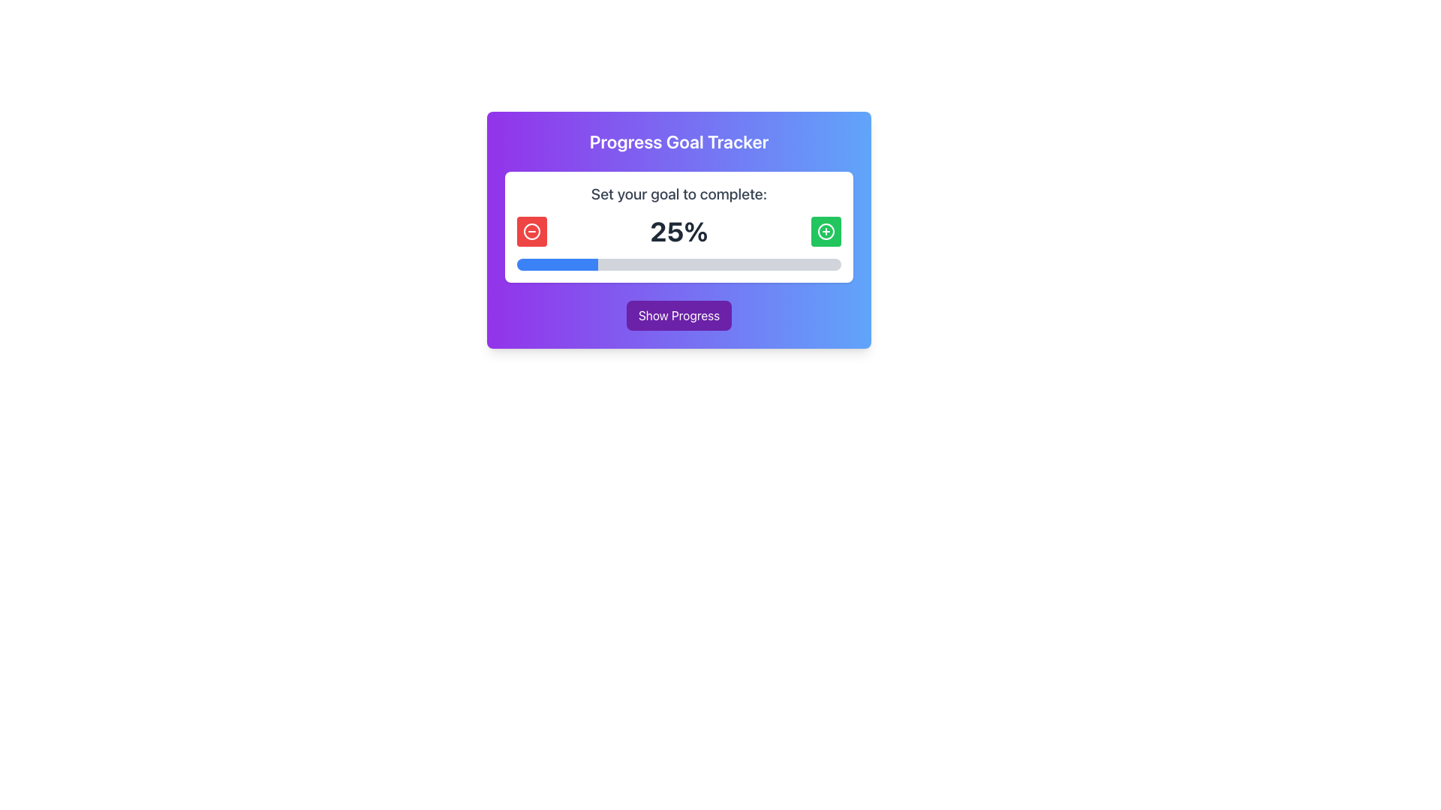 The image size is (1441, 810). Describe the element at coordinates (678, 231) in the screenshot. I see `the display text element that visually represents the current progress or goal setting, located beneath the header 'Set your goal to complete:' and between the decrease and increase percentage buttons` at that location.